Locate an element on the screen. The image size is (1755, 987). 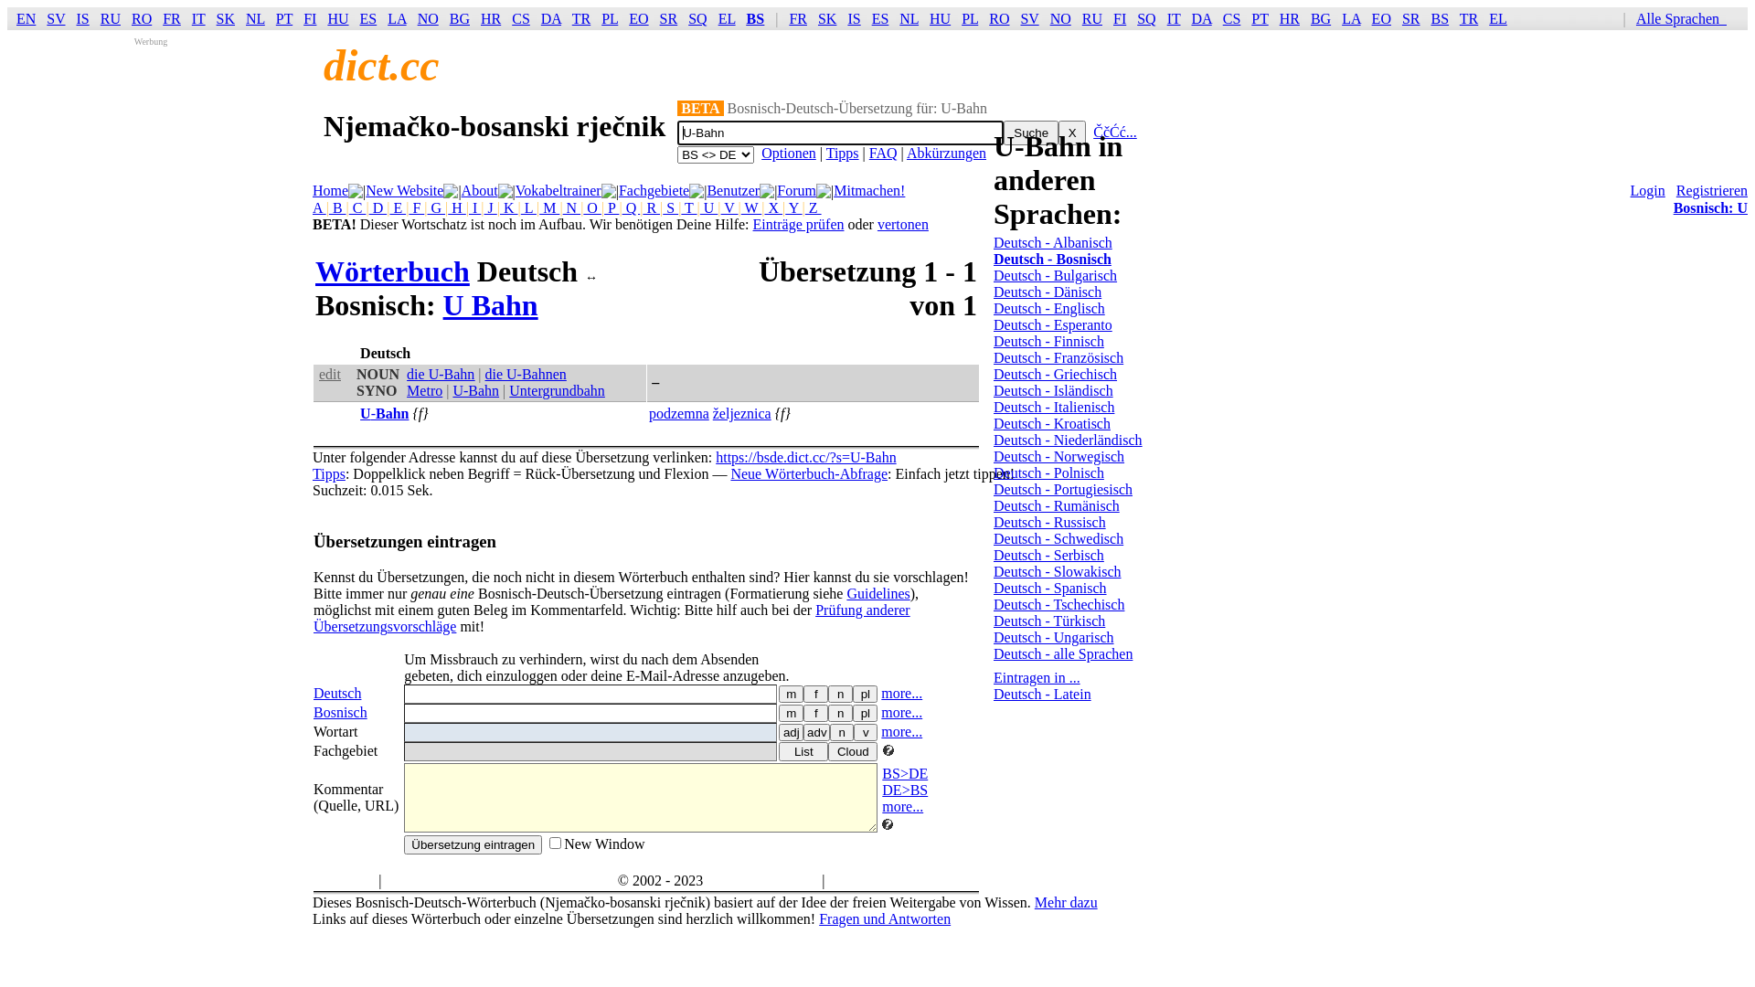
'B' is located at coordinates (337, 207).